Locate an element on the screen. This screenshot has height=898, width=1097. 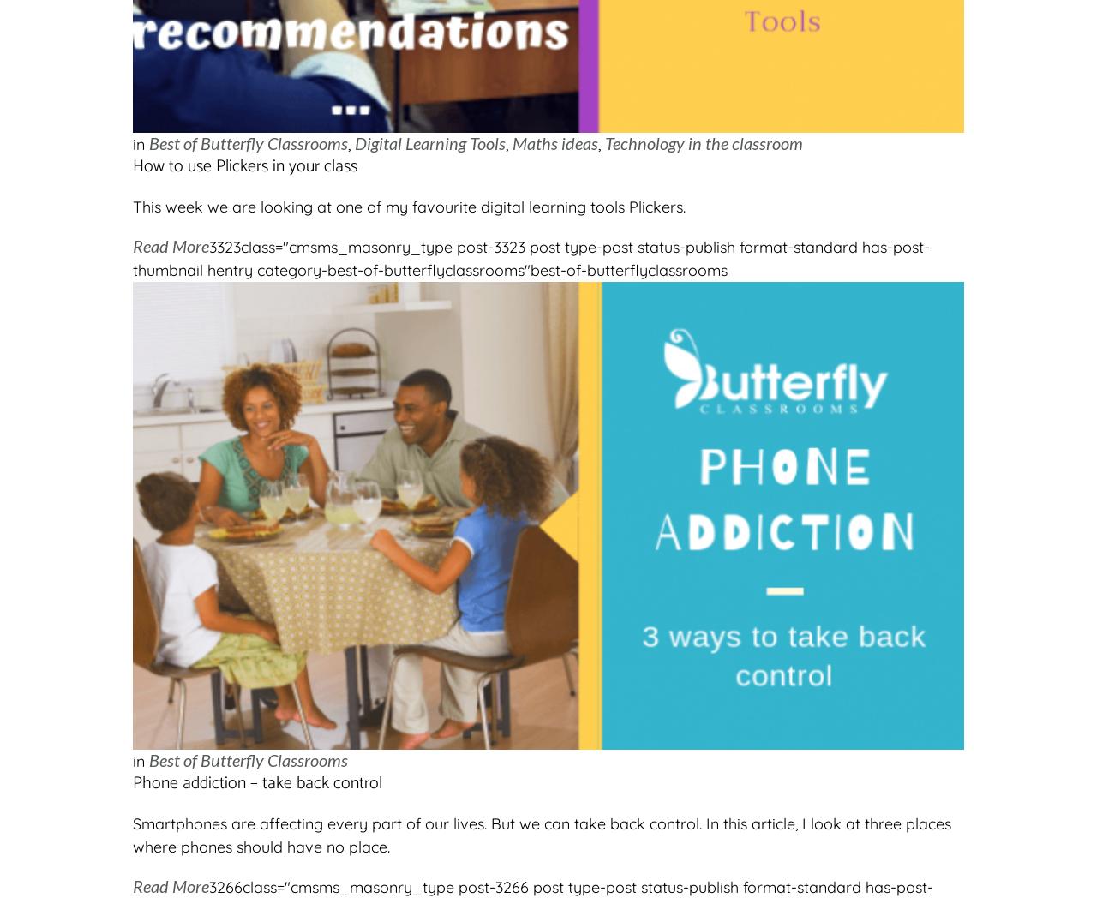
'3323class="cmsms_masonry_type post-3323 post type-post status-publish format-standard has-post-thumbnail hentry category-best-of-butterflyclassrooms"best-of-butterflyclassrooms' is located at coordinates (531, 258).